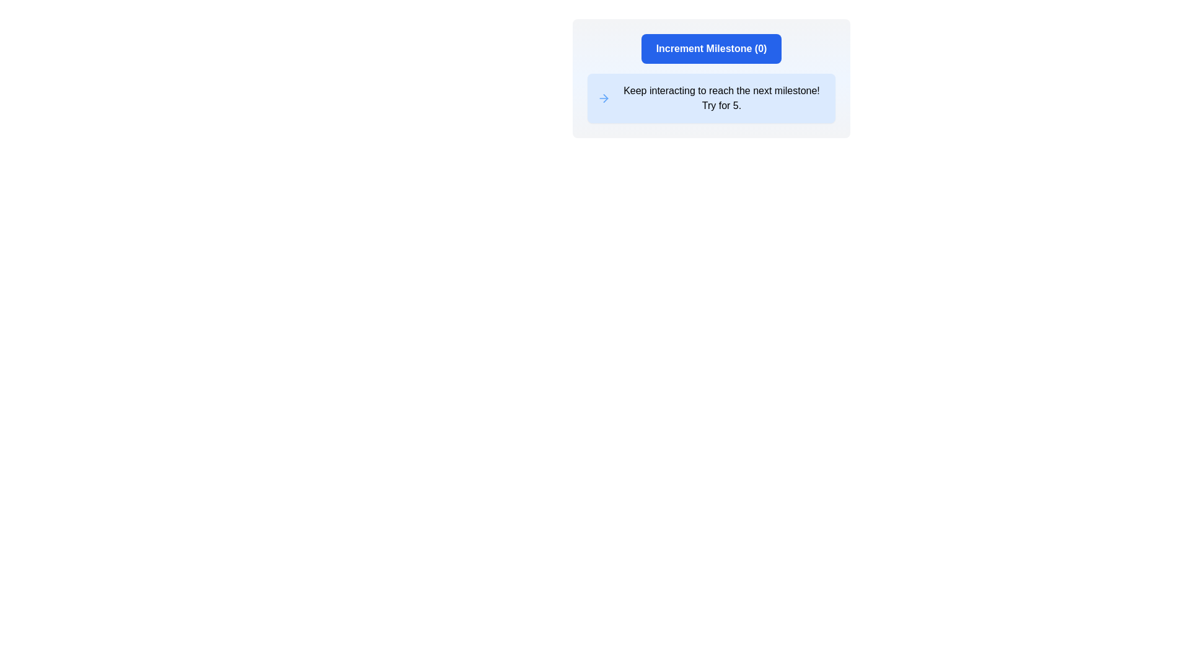 This screenshot has height=669, width=1190. I want to click on the rectangular button with a blue background and white text labeled 'Increment Milestone (0)' to observe the hover effect, so click(711, 48).